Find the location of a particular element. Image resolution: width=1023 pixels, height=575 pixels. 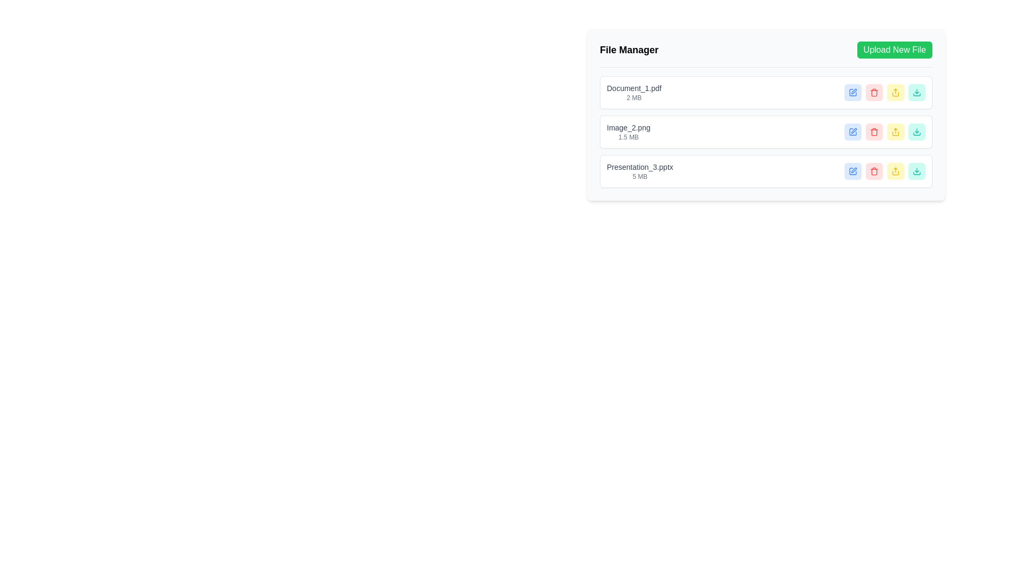

the upload icon (upward arrow from a box) located in the file manager interface, specifically associated with 'Presentation_3.pptx' in the last row of operation icons is located at coordinates (895, 170).